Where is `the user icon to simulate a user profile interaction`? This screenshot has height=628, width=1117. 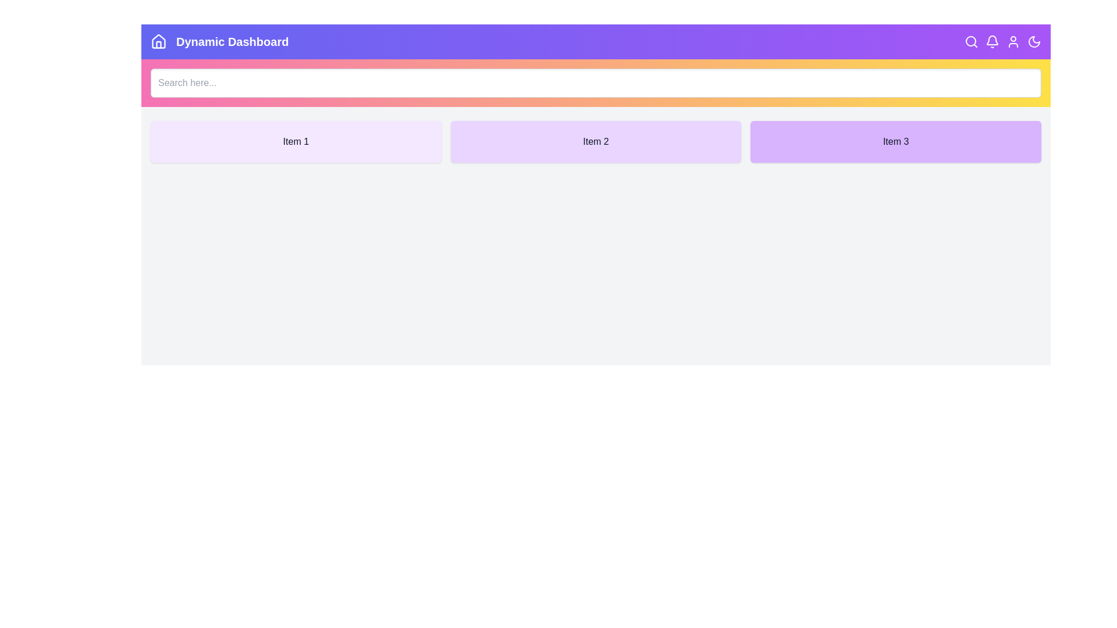 the user icon to simulate a user profile interaction is located at coordinates (1013, 41).